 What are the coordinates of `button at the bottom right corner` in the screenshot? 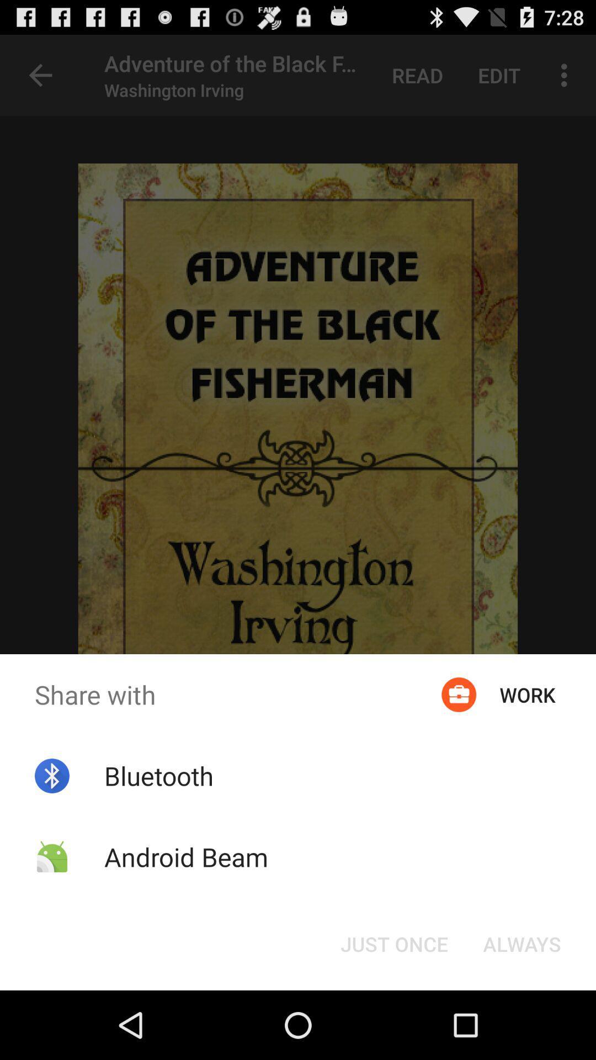 It's located at (521, 943).